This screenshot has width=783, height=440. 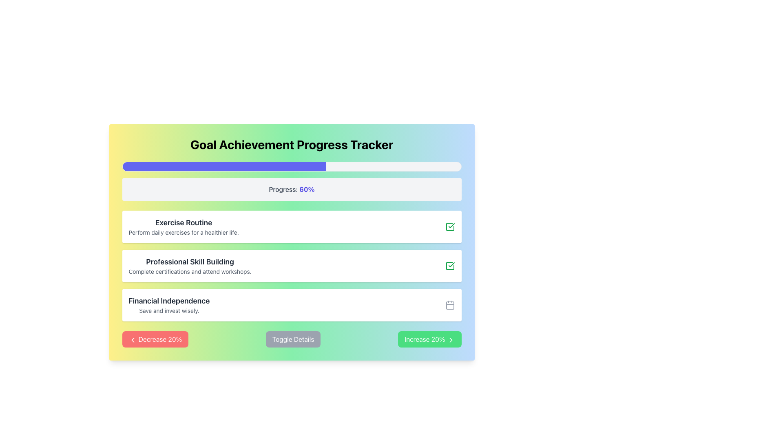 I want to click on the Chevron Right icon located within the green button labeled 'Increase 20%' at the bottom-right corner of the interface, so click(x=450, y=340).